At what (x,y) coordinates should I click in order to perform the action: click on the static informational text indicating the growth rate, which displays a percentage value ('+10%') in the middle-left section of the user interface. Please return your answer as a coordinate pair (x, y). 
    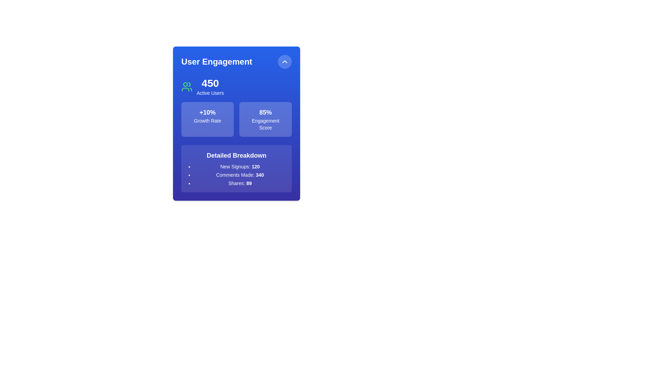
    Looking at the image, I should click on (207, 112).